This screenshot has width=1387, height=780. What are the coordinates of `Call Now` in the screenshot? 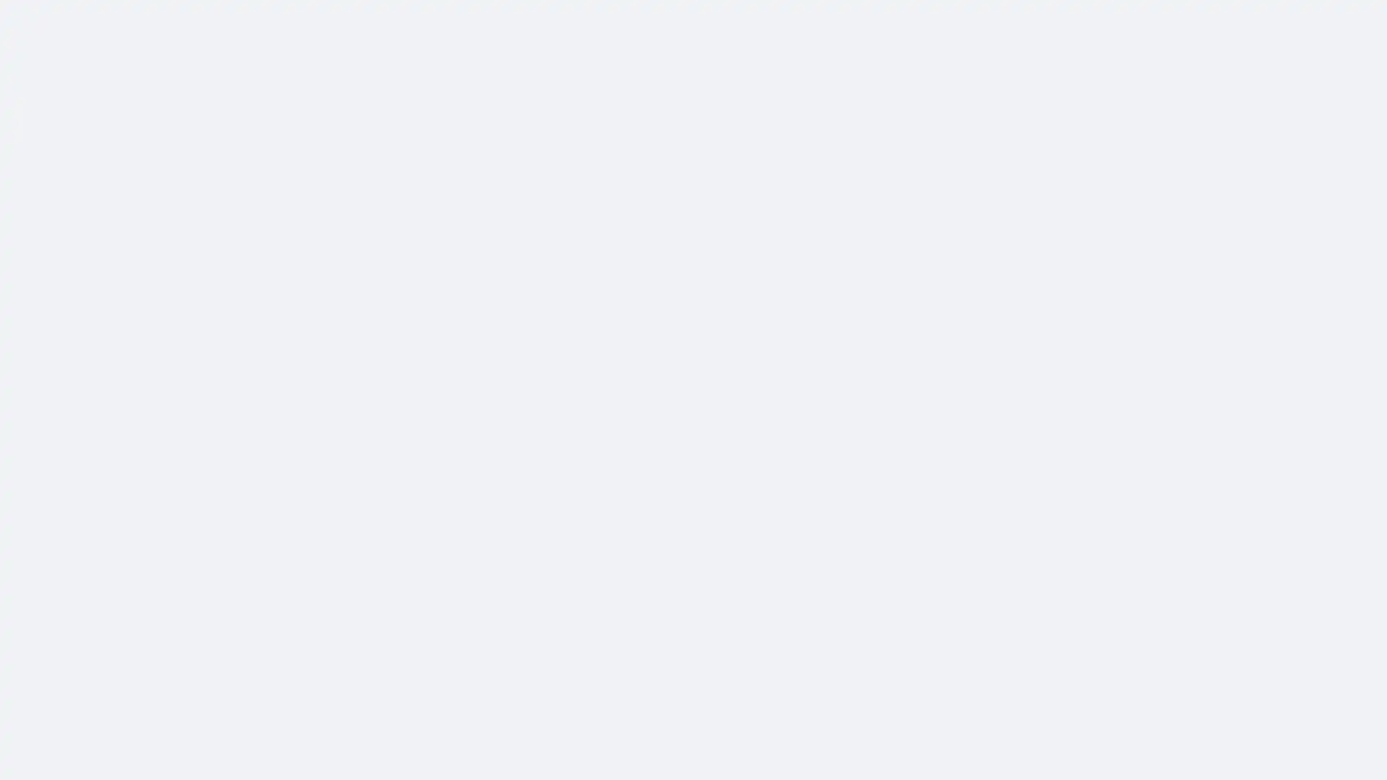 It's located at (896, 131).